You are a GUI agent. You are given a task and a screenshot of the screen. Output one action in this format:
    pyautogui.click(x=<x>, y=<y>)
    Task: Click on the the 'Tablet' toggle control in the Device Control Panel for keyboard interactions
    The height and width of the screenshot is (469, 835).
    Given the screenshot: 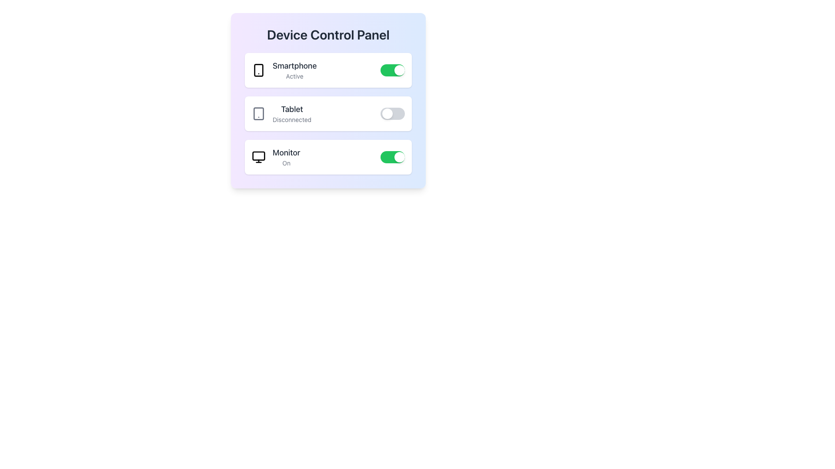 What is the action you would take?
    pyautogui.click(x=327, y=100)
    